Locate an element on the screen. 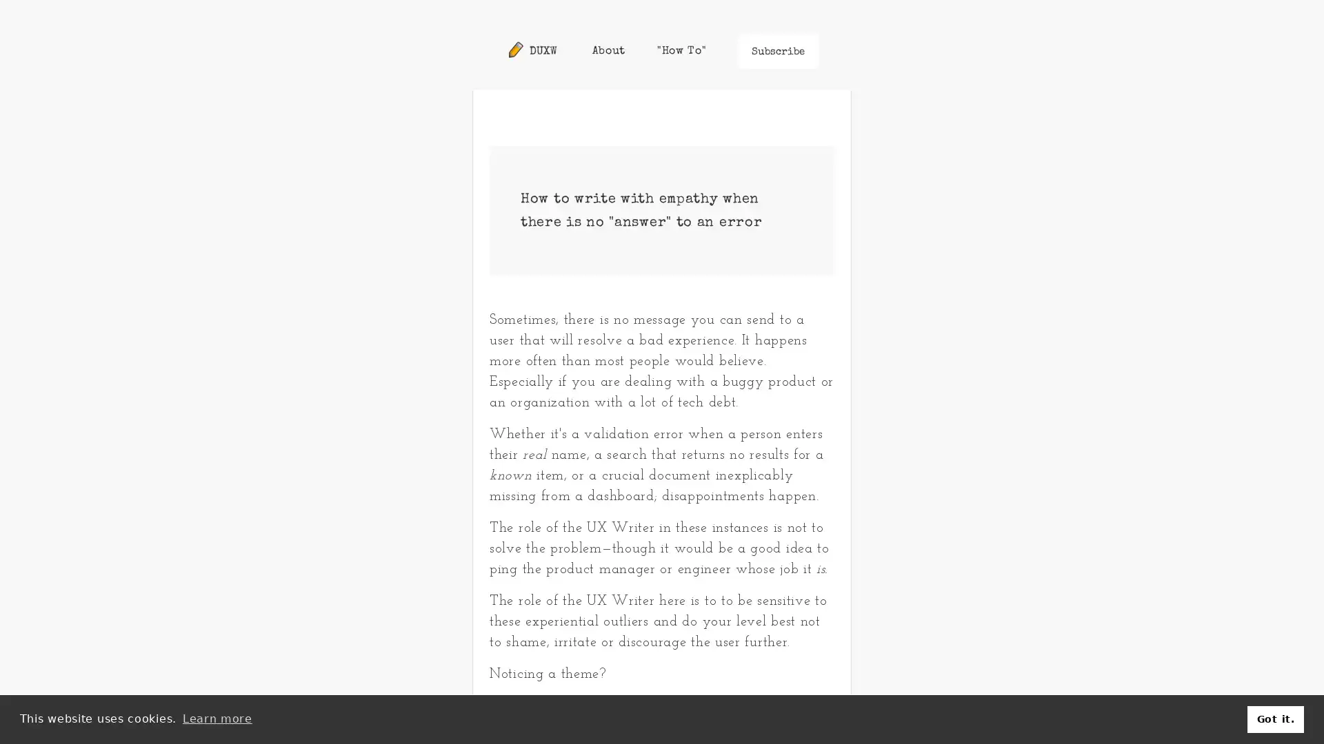  dismiss cookie message is located at coordinates (1274, 719).